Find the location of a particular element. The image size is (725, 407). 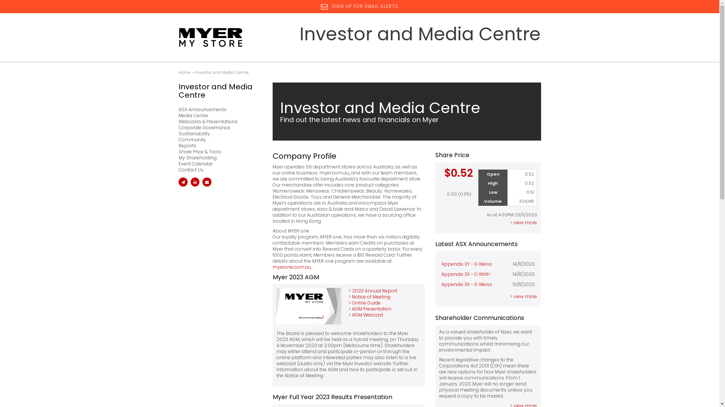

'Reports' is located at coordinates (217, 145).